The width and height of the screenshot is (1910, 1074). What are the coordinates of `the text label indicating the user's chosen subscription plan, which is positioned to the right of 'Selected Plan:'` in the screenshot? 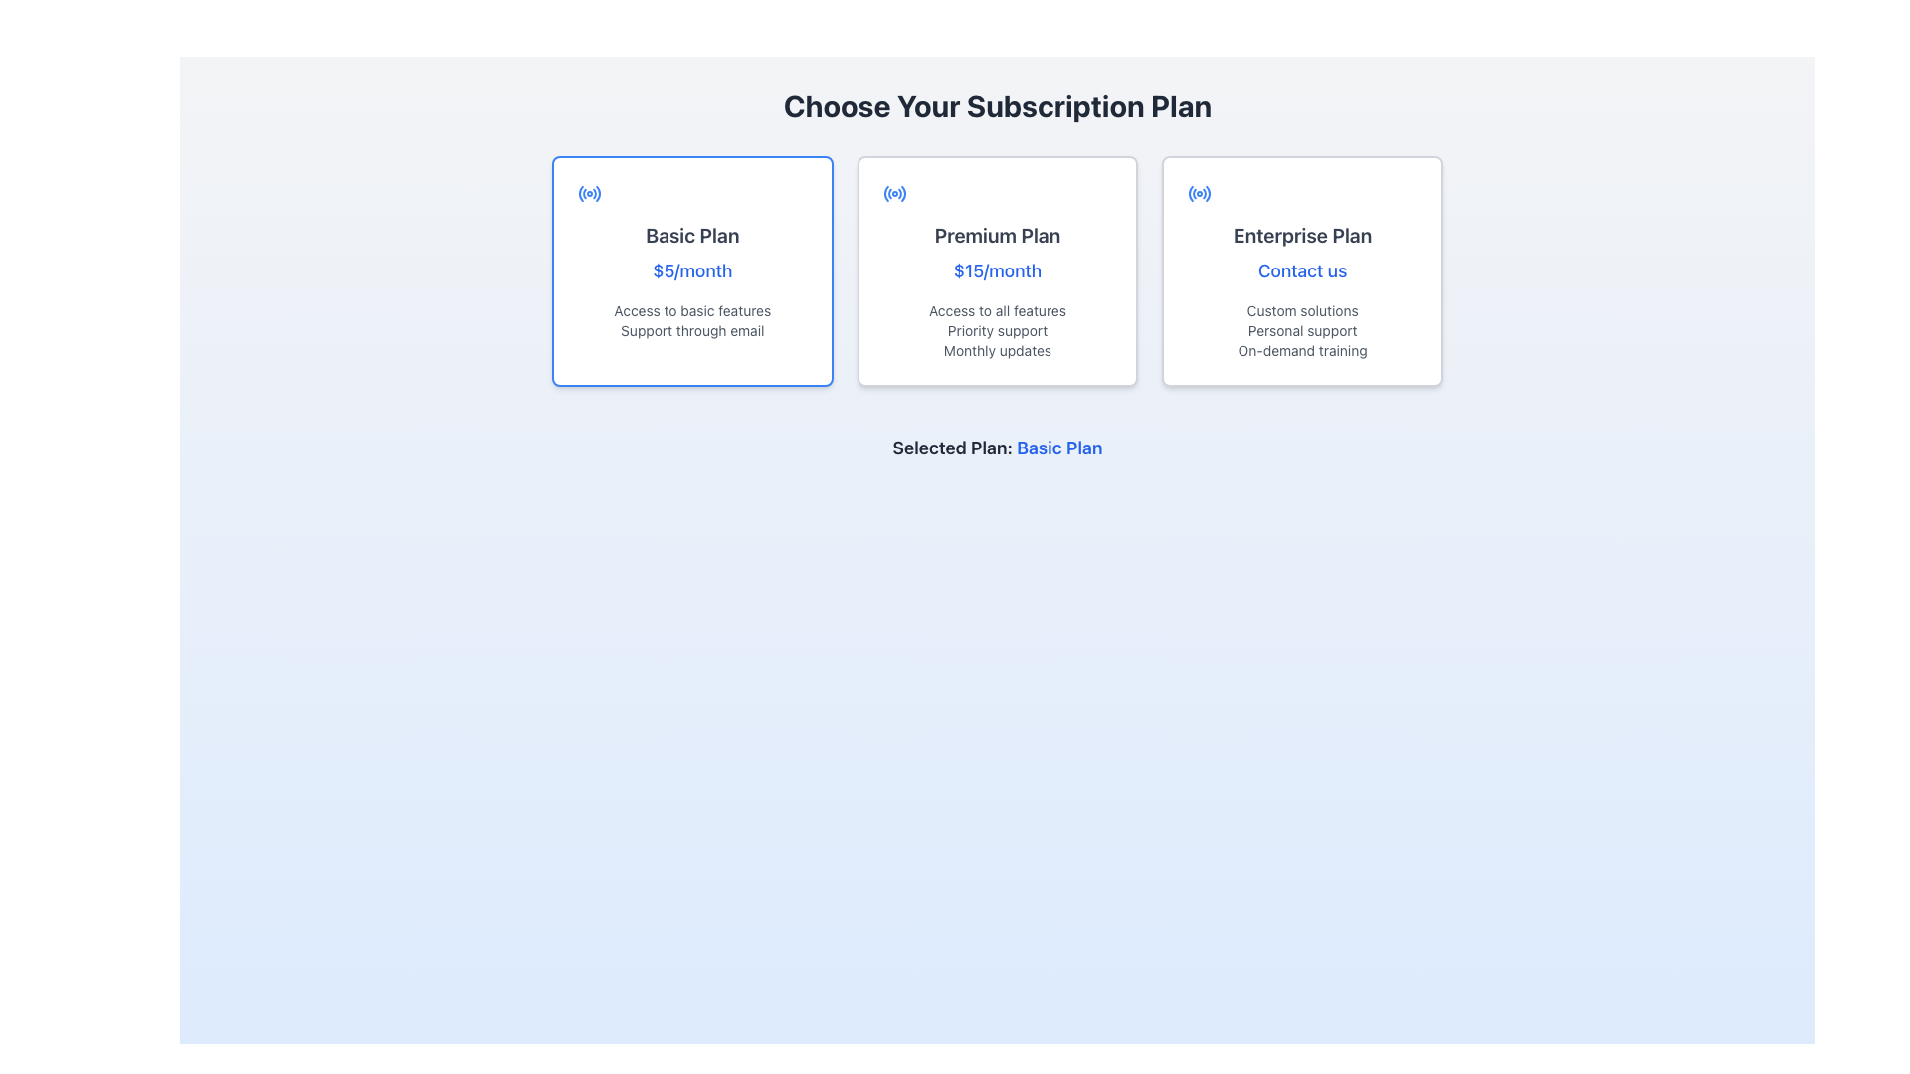 It's located at (1058, 447).